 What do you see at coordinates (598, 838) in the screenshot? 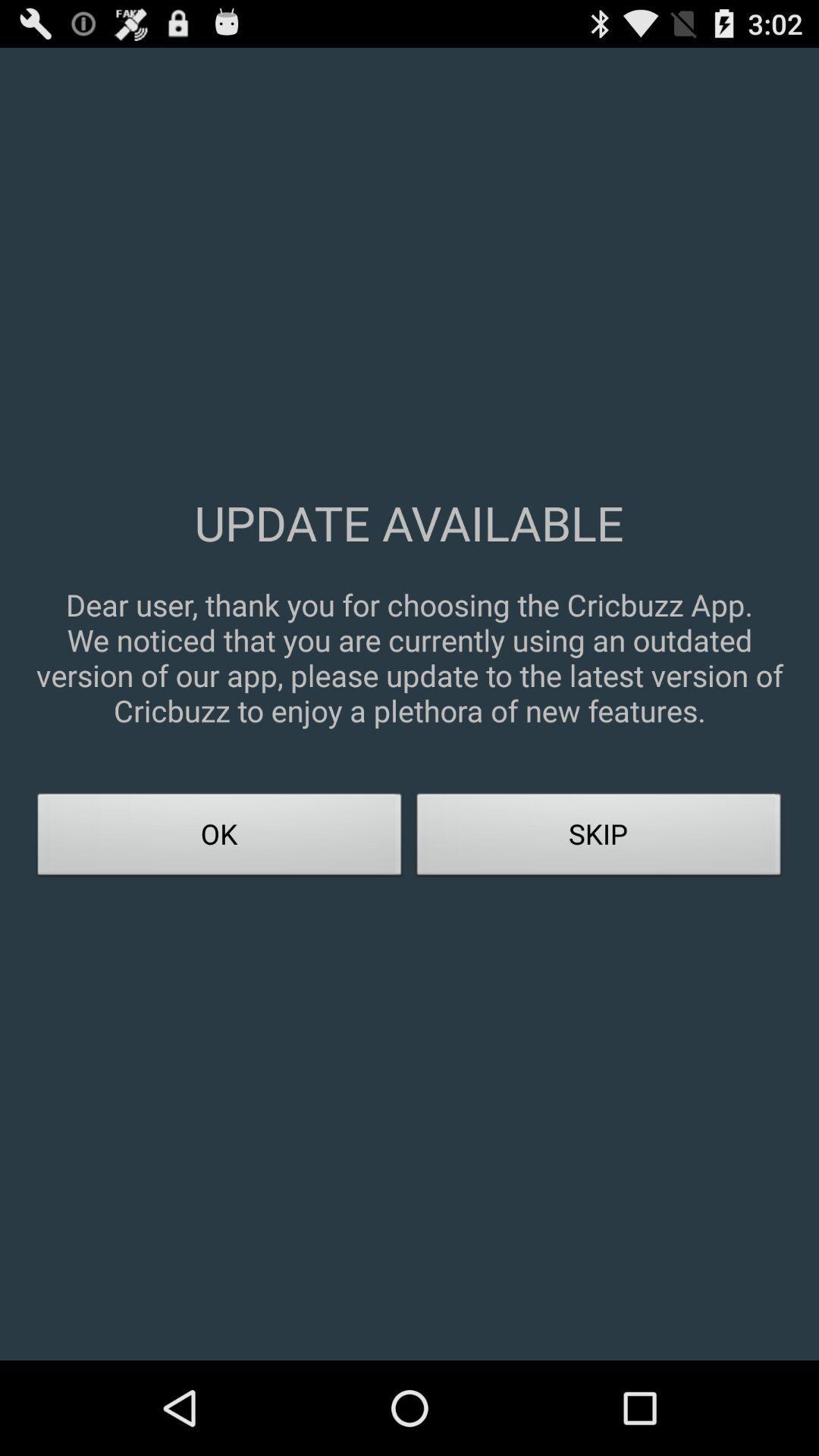
I see `the skip button` at bounding box center [598, 838].